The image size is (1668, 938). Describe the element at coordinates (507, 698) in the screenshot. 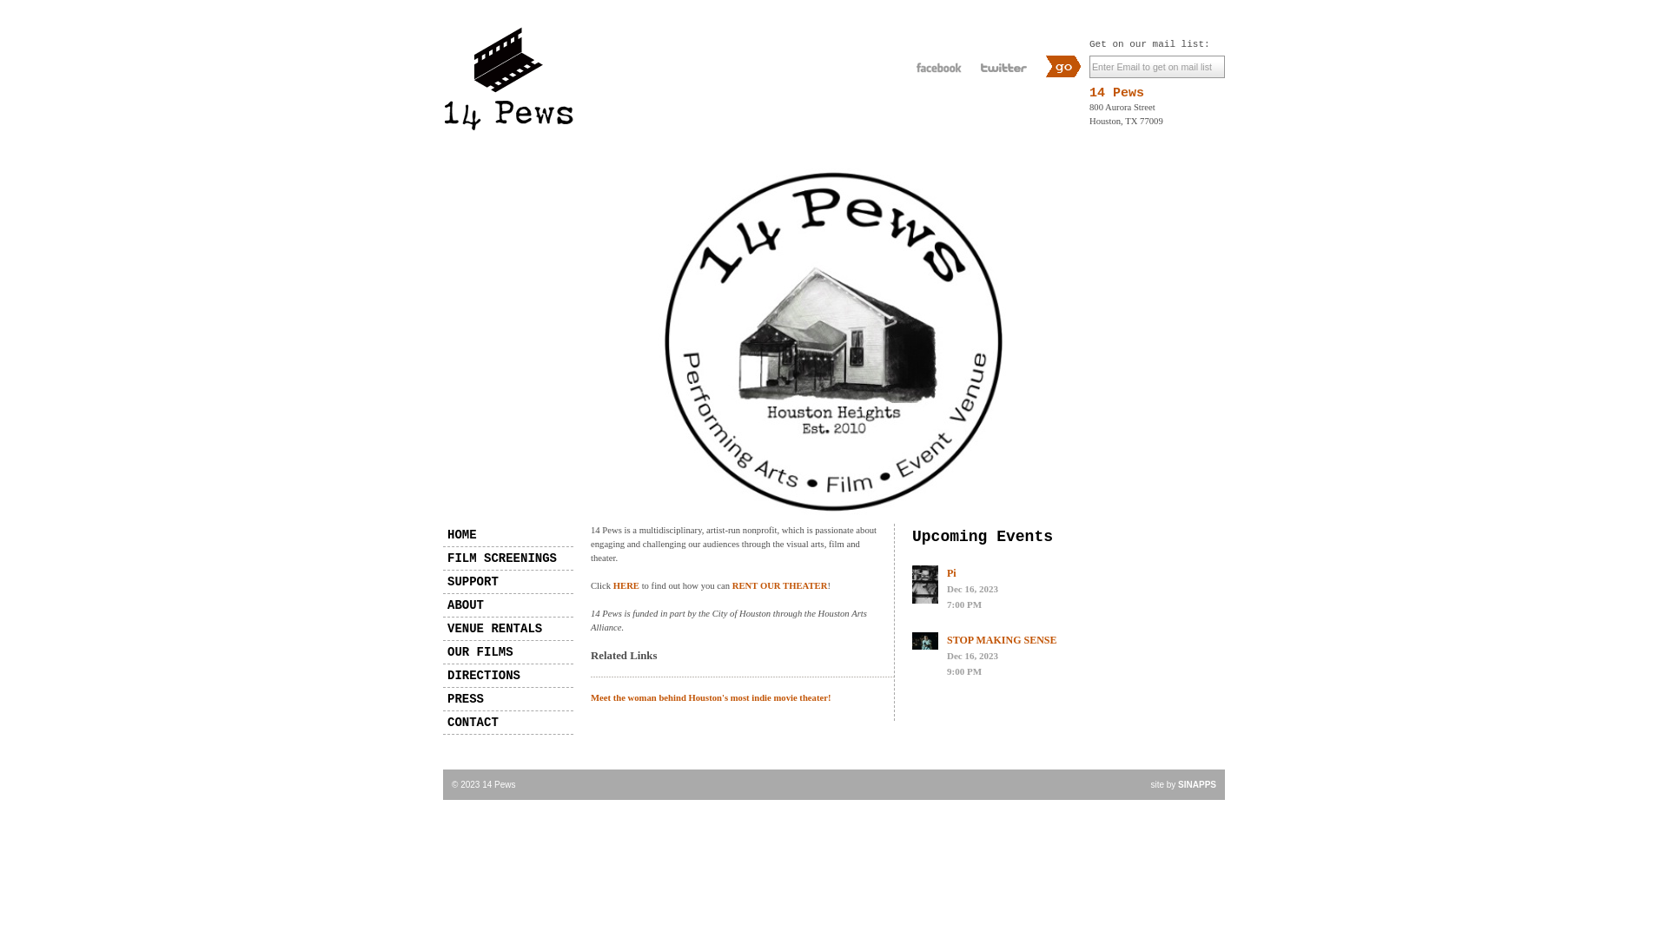

I see `'PRESS'` at that location.